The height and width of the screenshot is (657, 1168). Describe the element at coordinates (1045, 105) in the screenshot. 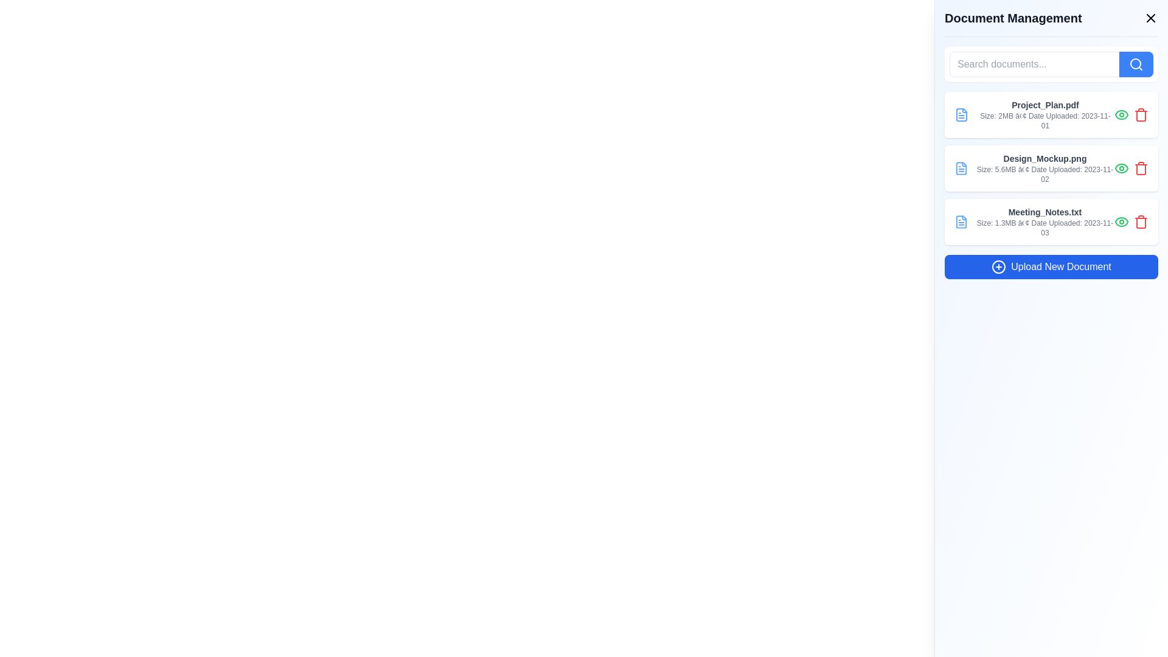

I see `the static text label displaying 'Project_Plan.pdf', which is bold, gray, and located at the top of a file entry in the document management panel` at that location.